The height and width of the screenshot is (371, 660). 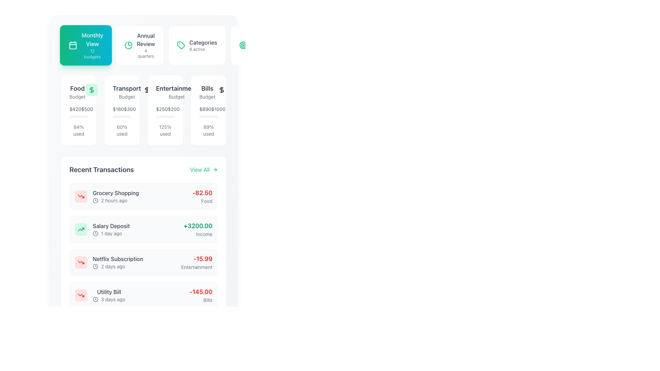 I want to click on the Text component displaying 'Salary Deposit' in the second row under the 'Recent Transactions' section, so click(x=111, y=229).